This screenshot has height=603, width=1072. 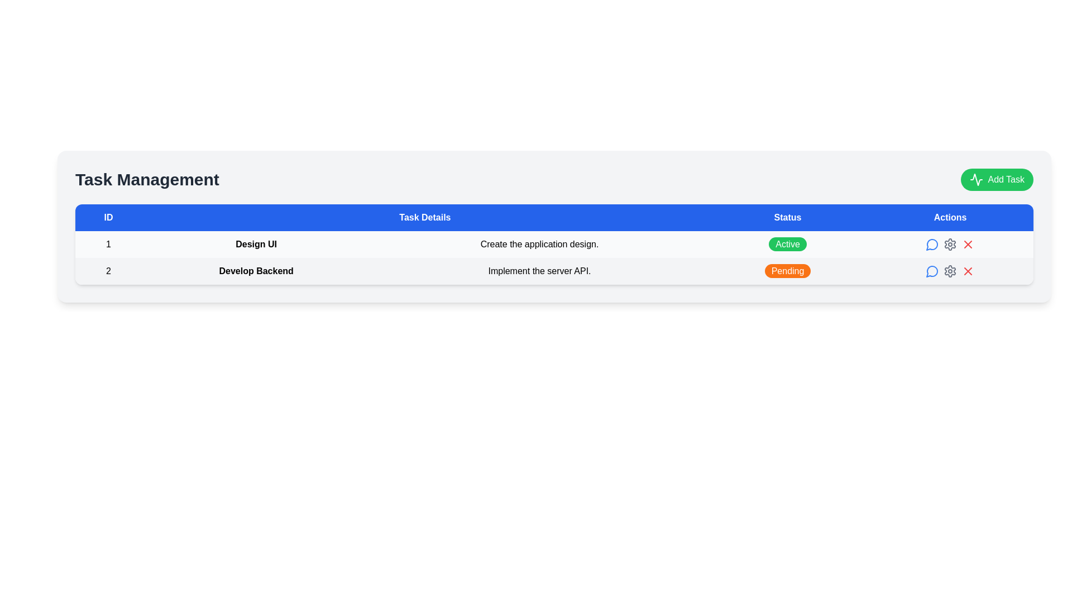 What do you see at coordinates (787, 244) in the screenshot?
I see `text of the 'Active' status label, which is a pill-shaped label with a green background and white text, located in the first row of the 'Task Management' section` at bounding box center [787, 244].